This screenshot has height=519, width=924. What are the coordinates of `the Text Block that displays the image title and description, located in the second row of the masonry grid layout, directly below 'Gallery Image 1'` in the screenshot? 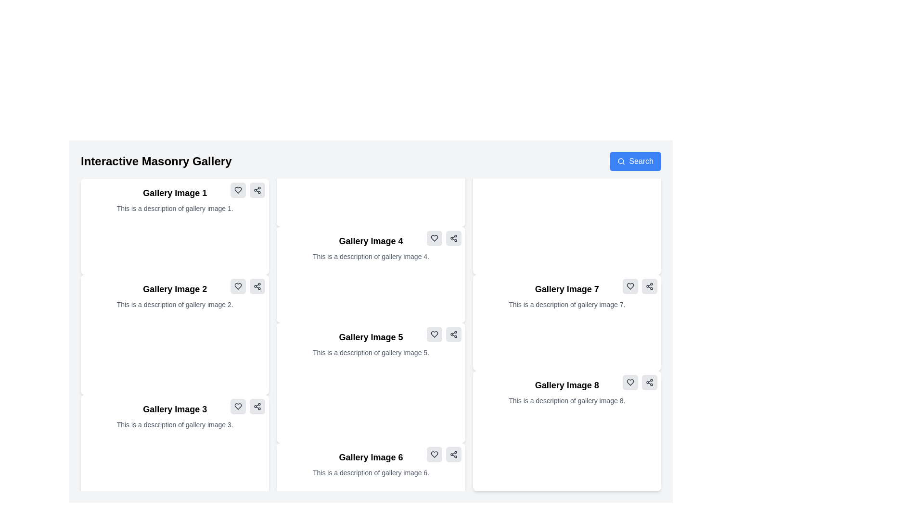 It's located at (175, 296).